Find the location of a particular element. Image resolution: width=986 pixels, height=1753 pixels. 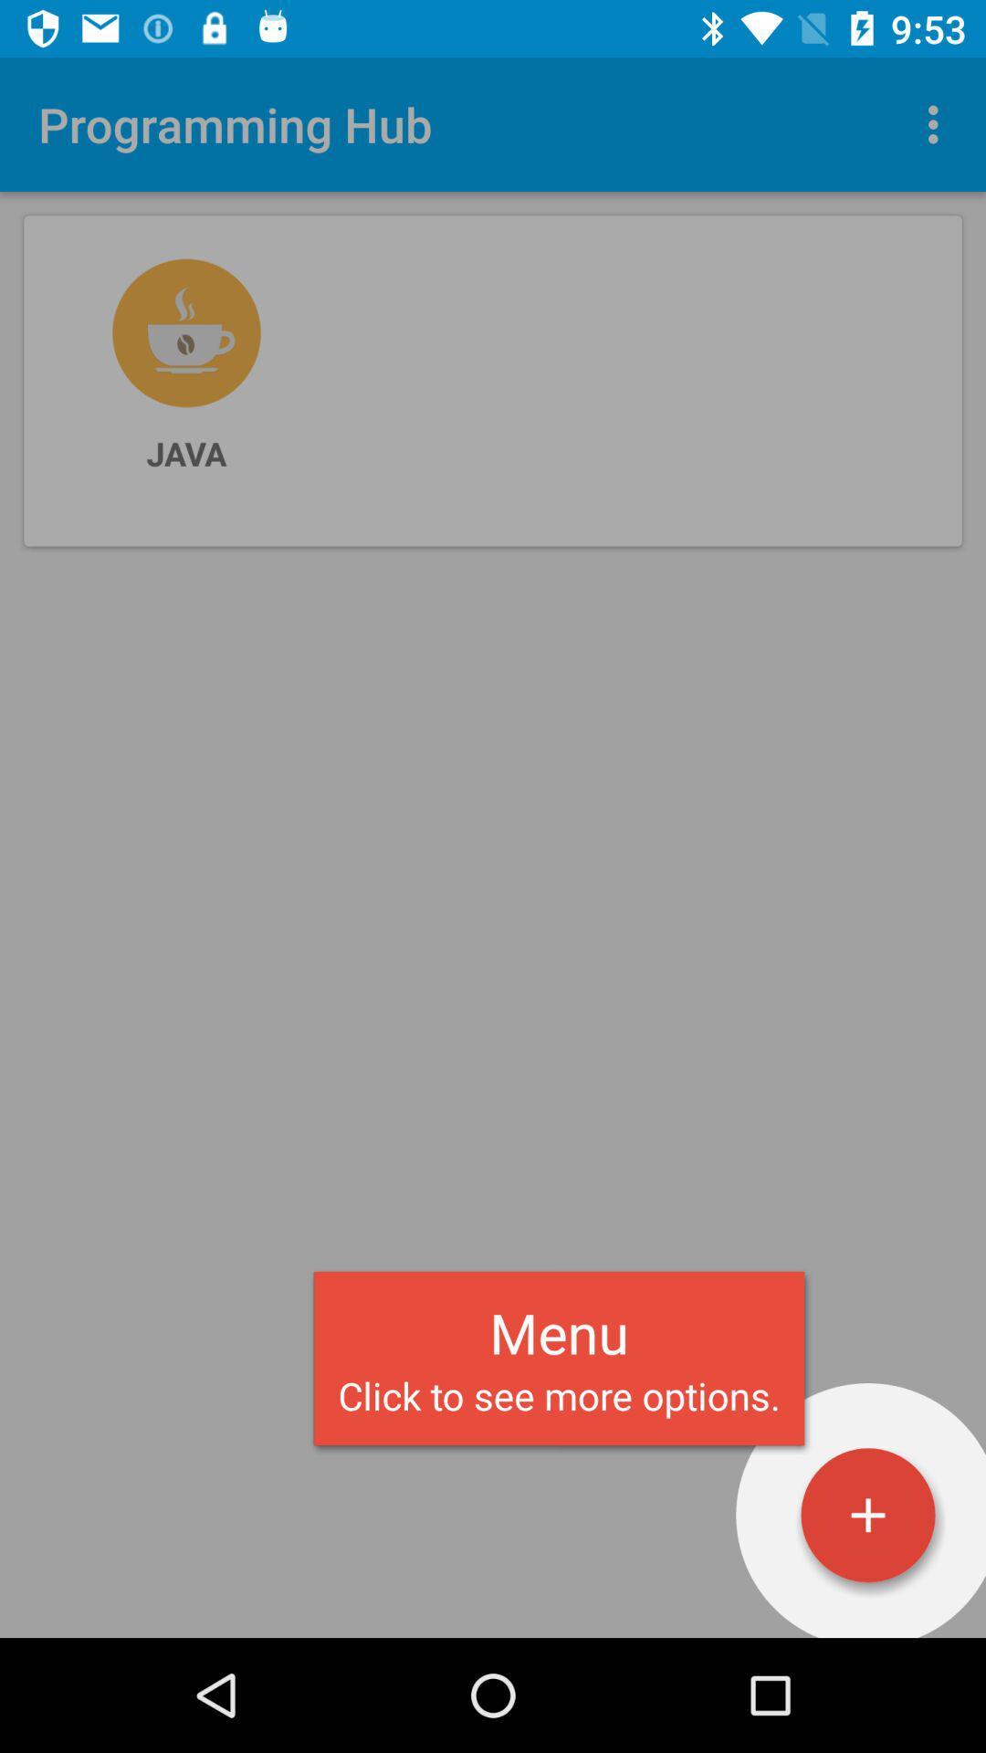

increase is located at coordinates (867, 1515).